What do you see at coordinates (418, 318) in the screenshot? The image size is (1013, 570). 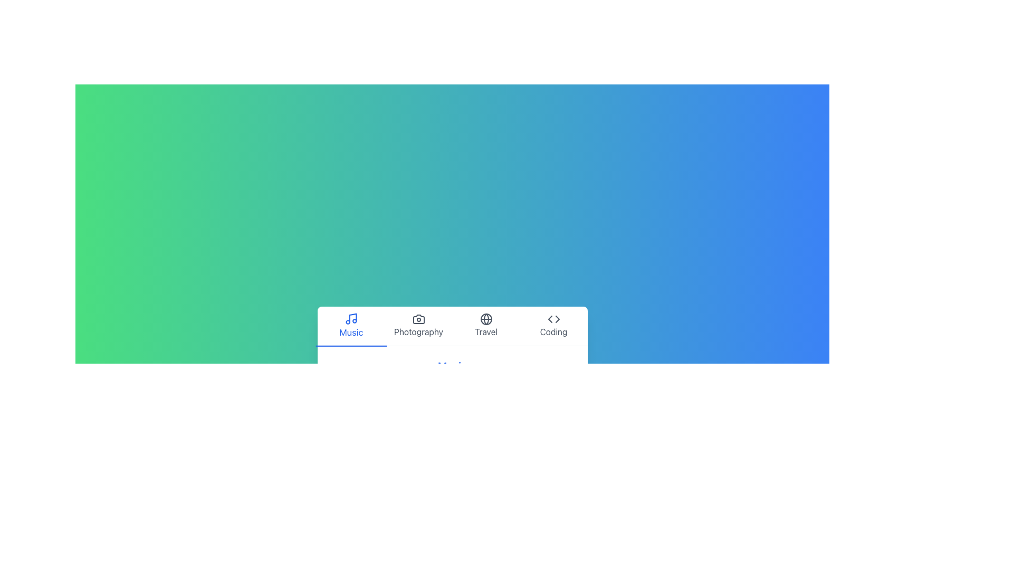 I see `the 'Photography' icon located in the second position of the horizontal menu bar` at bounding box center [418, 318].